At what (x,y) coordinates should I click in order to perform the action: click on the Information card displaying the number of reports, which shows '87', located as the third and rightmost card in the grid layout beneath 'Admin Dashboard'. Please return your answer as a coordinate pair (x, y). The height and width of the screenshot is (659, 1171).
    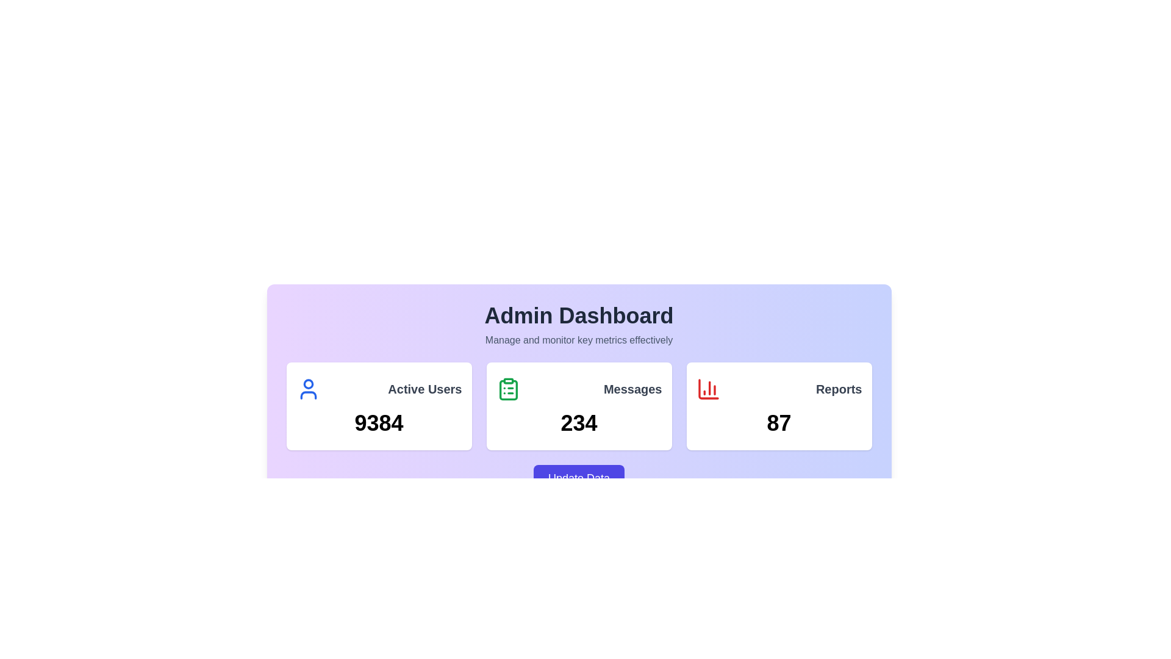
    Looking at the image, I should click on (778, 406).